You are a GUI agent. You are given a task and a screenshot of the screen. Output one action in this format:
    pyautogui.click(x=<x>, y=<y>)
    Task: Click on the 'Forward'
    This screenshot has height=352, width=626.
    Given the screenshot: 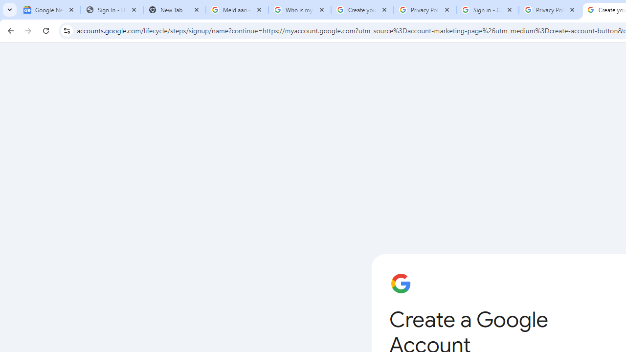 What is the action you would take?
    pyautogui.click(x=28, y=30)
    